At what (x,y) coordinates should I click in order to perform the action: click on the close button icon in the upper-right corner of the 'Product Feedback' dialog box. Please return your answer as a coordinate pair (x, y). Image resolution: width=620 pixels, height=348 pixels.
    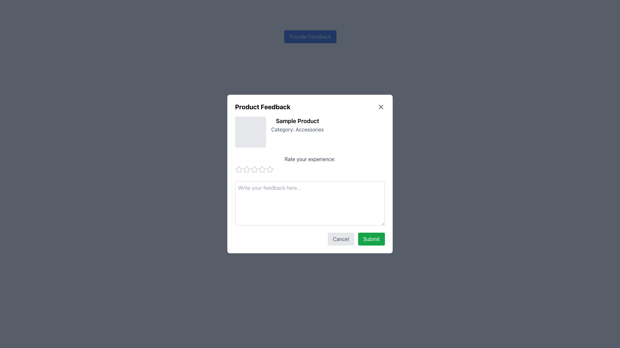
    Looking at the image, I should click on (381, 106).